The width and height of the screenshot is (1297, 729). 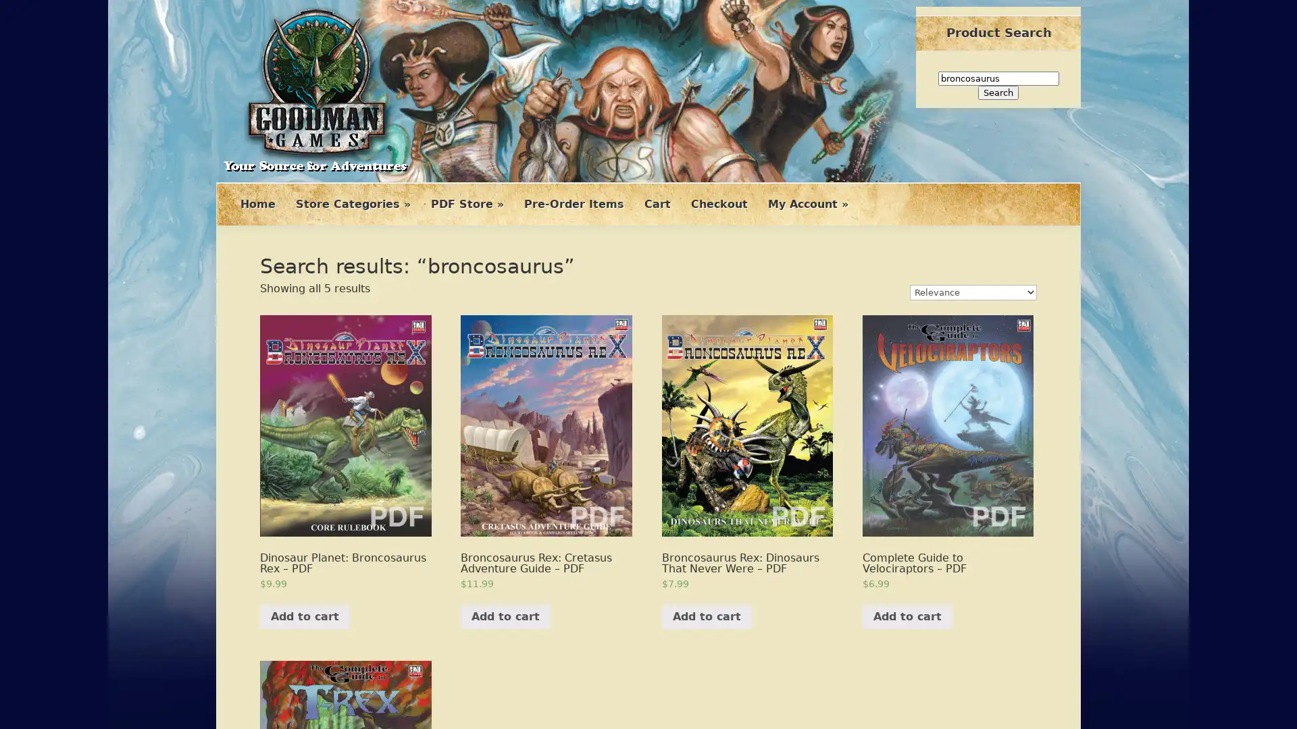 What do you see at coordinates (998, 92) in the screenshot?
I see `Search` at bounding box center [998, 92].